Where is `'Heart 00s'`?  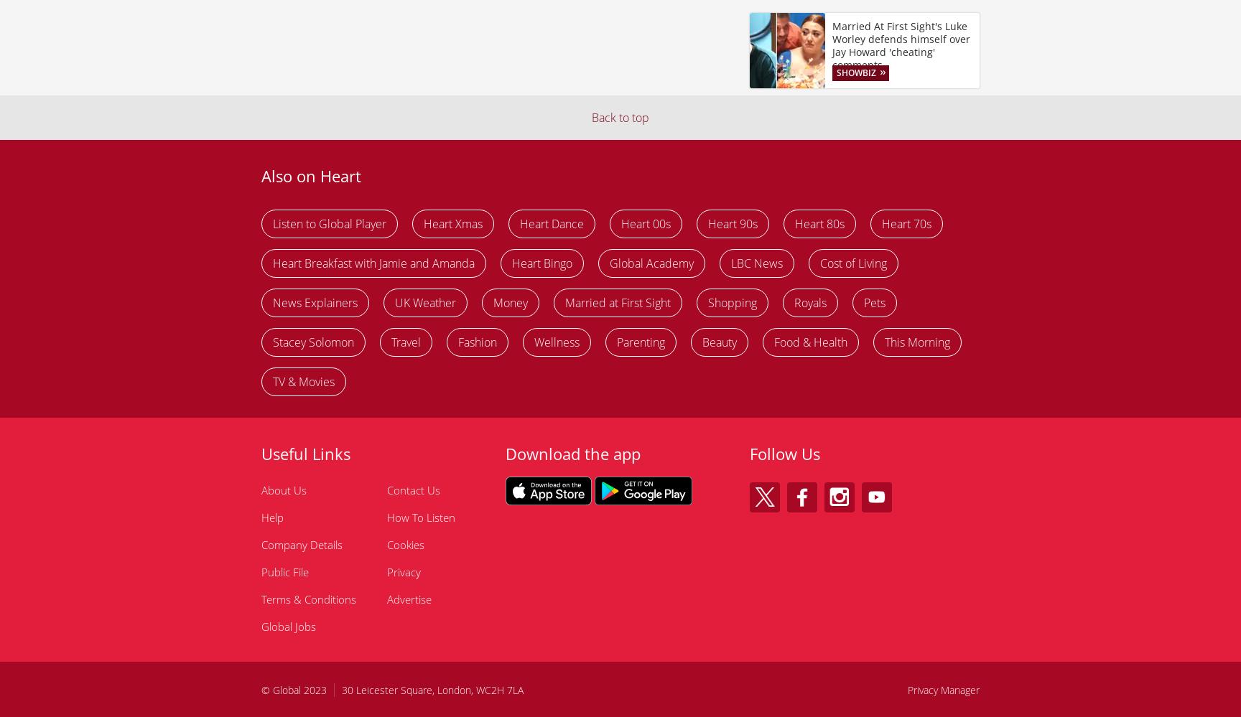 'Heart 00s' is located at coordinates (646, 222).